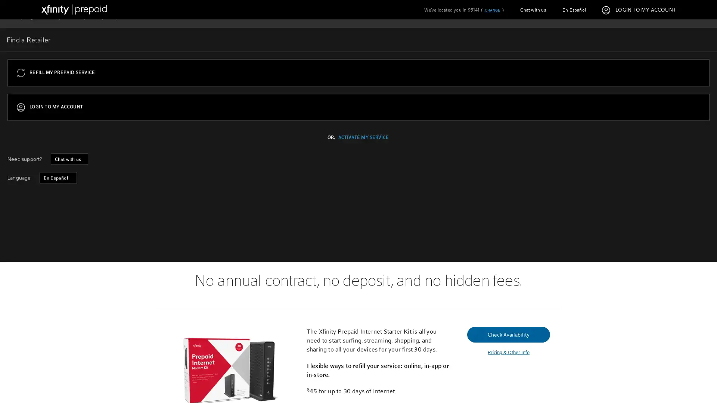  Describe the element at coordinates (198, 174) in the screenshot. I see `Check Availability` at that location.